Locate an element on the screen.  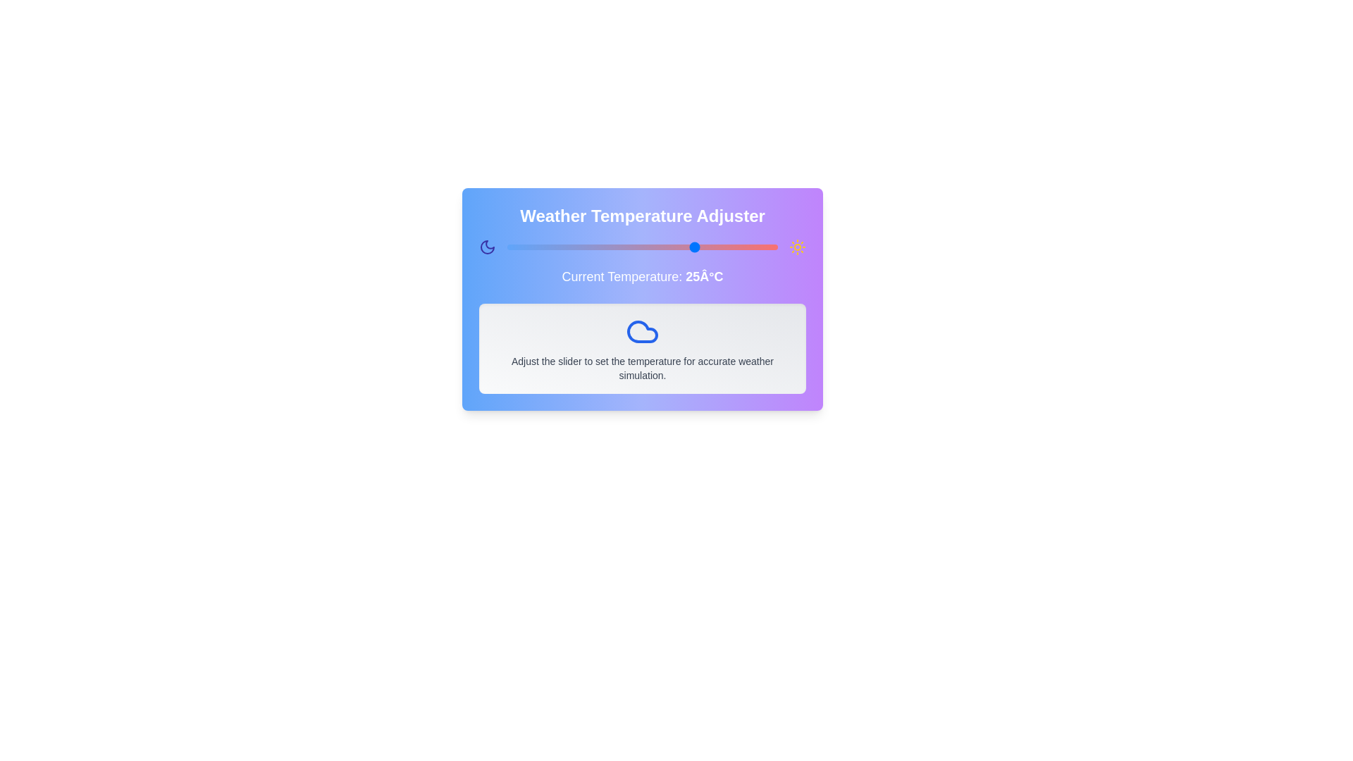
the slider to set the temperature to 23°C is located at coordinates (686, 247).